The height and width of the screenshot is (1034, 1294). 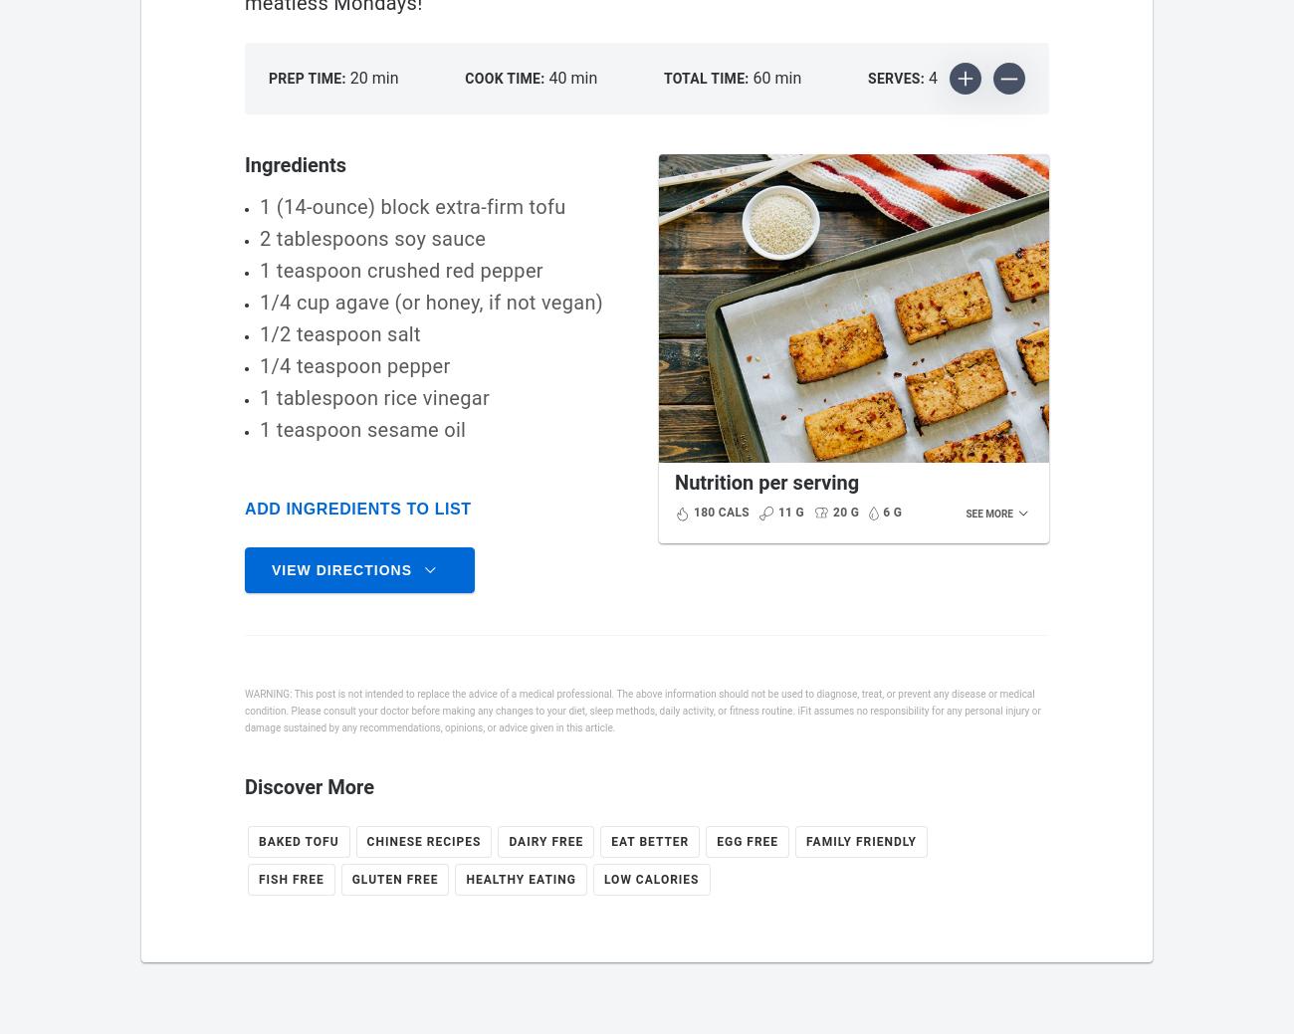 What do you see at coordinates (734, 825) in the screenshot?
I see `'Dietary Fiber'` at bounding box center [734, 825].